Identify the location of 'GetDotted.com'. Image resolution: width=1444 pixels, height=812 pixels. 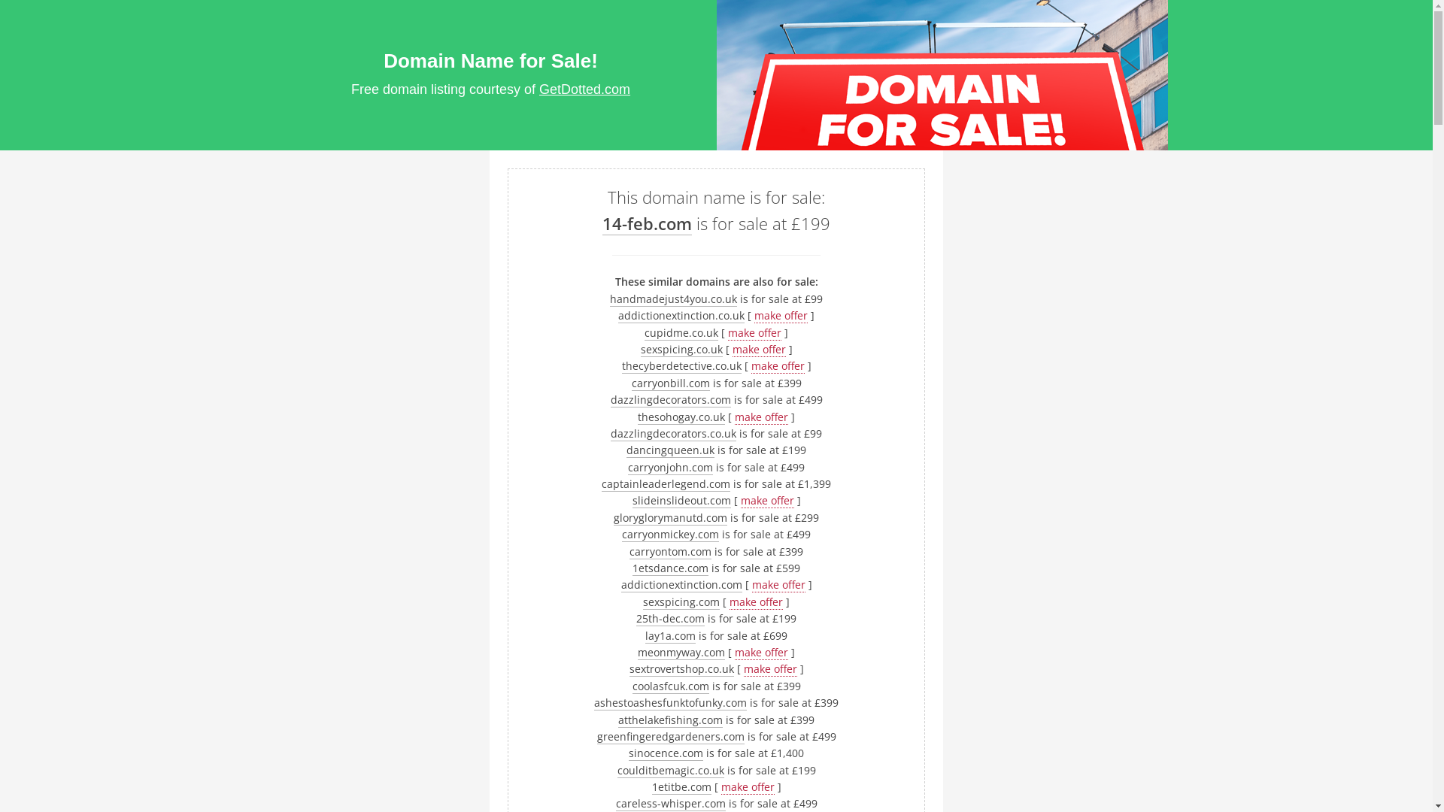
(584, 89).